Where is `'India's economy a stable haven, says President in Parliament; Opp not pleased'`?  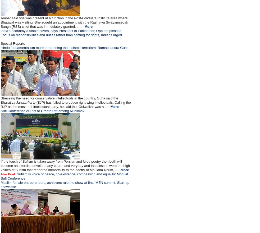
'India's economy a stable haven, says President in Parliament; Opp not pleased' is located at coordinates (61, 31).